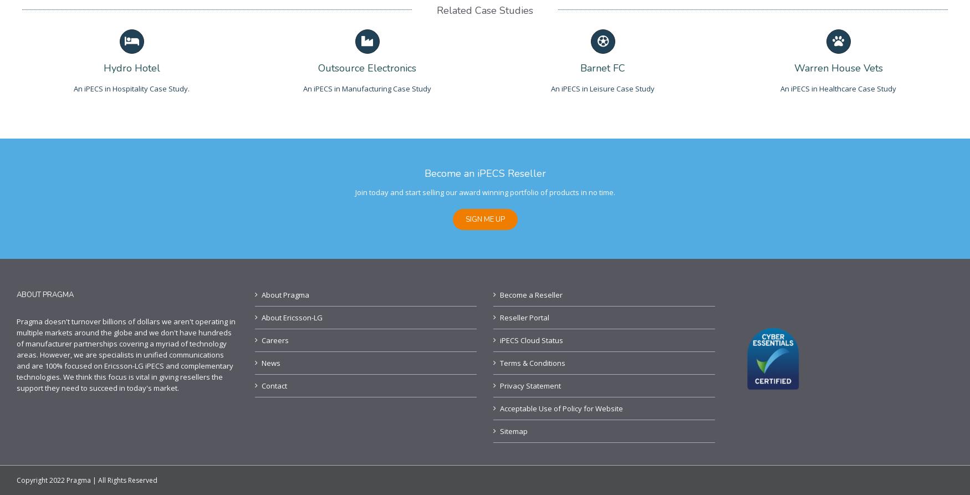 Image resolution: width=970 pixels, height=495 pixels. What do you see at coordinates (131, 68) in the screenshot?
I see `'Hydro Hotel'` at bounding box center [131, 68].